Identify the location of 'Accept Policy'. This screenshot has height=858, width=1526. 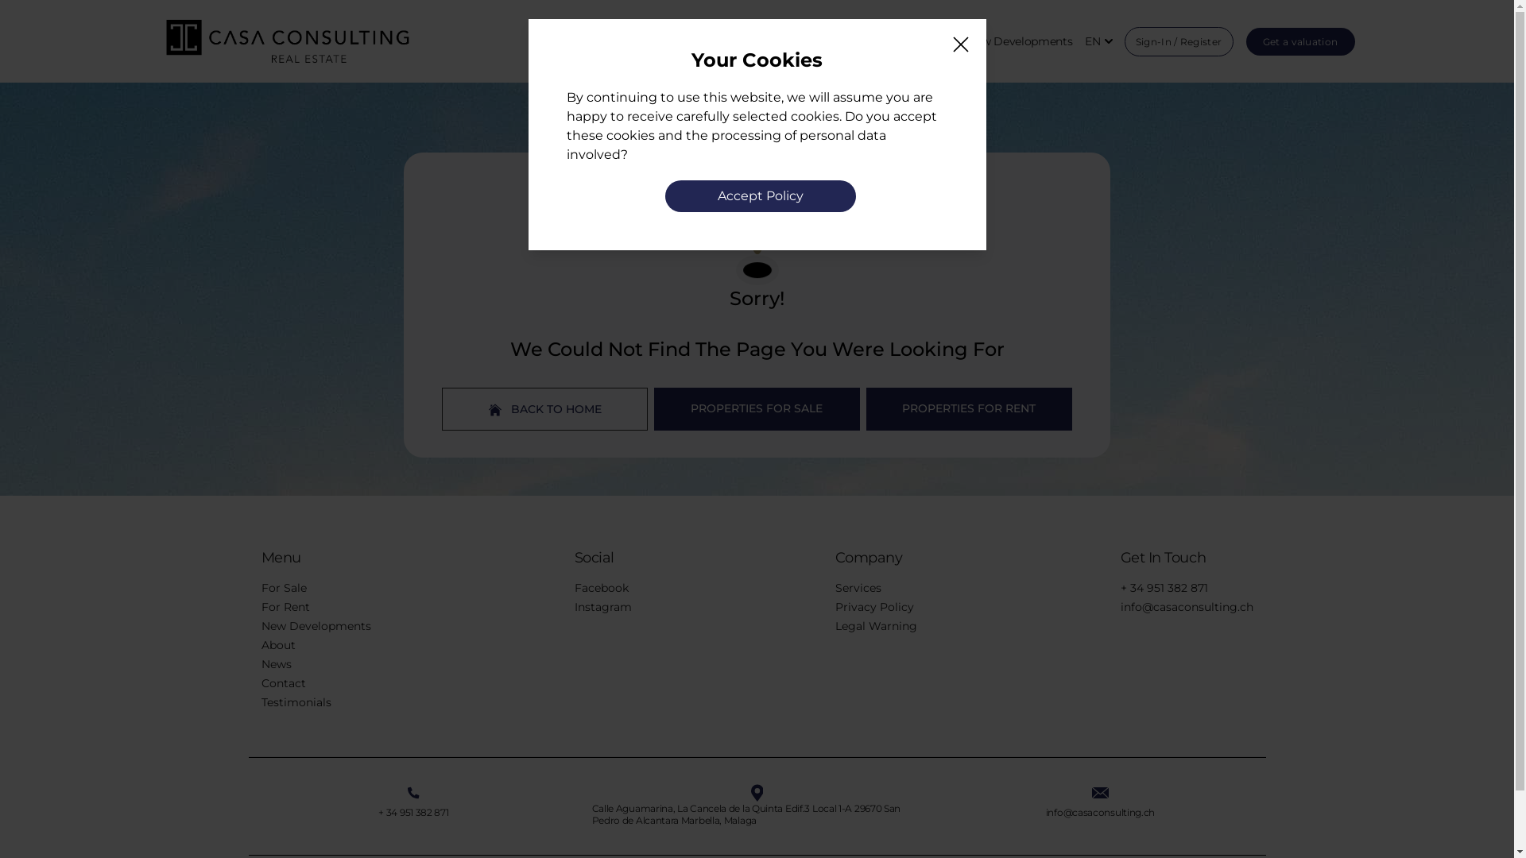
(758, 195).